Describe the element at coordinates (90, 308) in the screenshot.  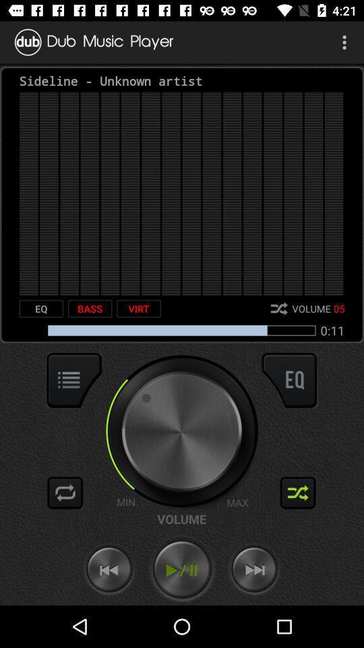
I see `the icon next to the   eq   item` at that location.